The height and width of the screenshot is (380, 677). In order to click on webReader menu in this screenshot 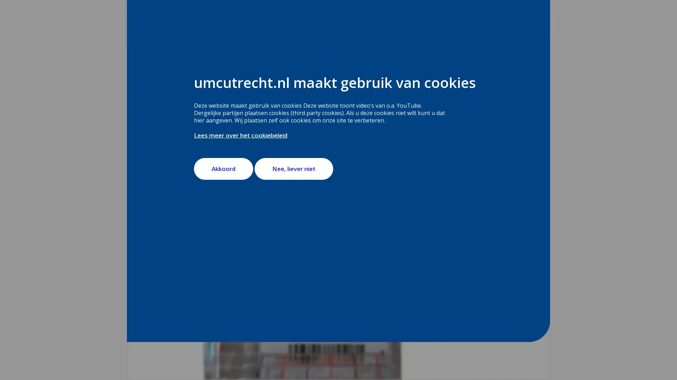, I will do `click(209, 92)`.